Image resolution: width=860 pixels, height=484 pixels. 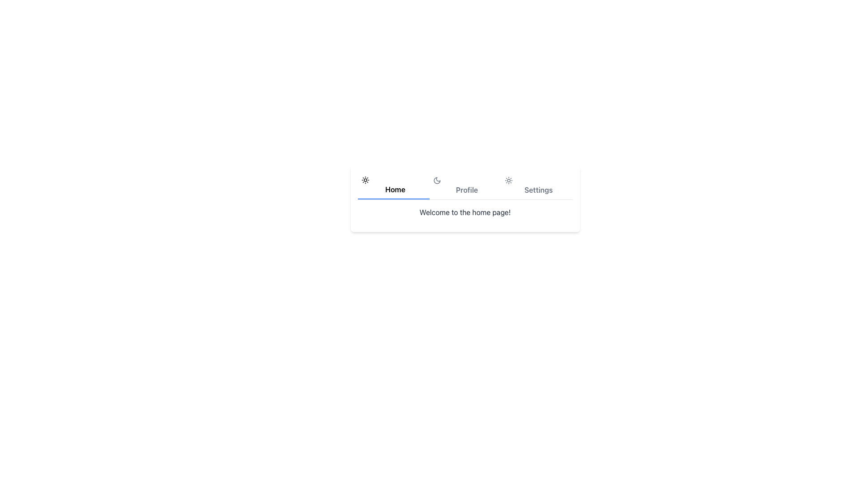 What do you see at coordinates (537, 186) in the screenshot?
I see `the 'Settings' button located at the far-right of the navigation bar` at bounding box center [537, 186].